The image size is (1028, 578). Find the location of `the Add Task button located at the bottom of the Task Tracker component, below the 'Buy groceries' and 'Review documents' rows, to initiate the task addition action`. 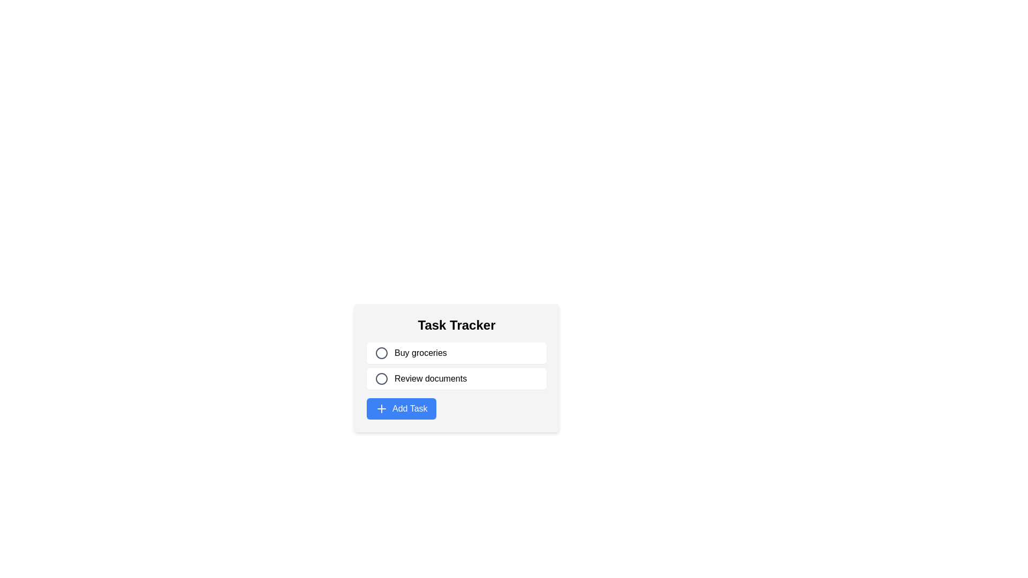

the Add Task button located at the bottom of the Task Tracker component, below the 'Buy groceries' and 'Review documents' rows, to initiate the task addition action is located at coordinates (400, 408).